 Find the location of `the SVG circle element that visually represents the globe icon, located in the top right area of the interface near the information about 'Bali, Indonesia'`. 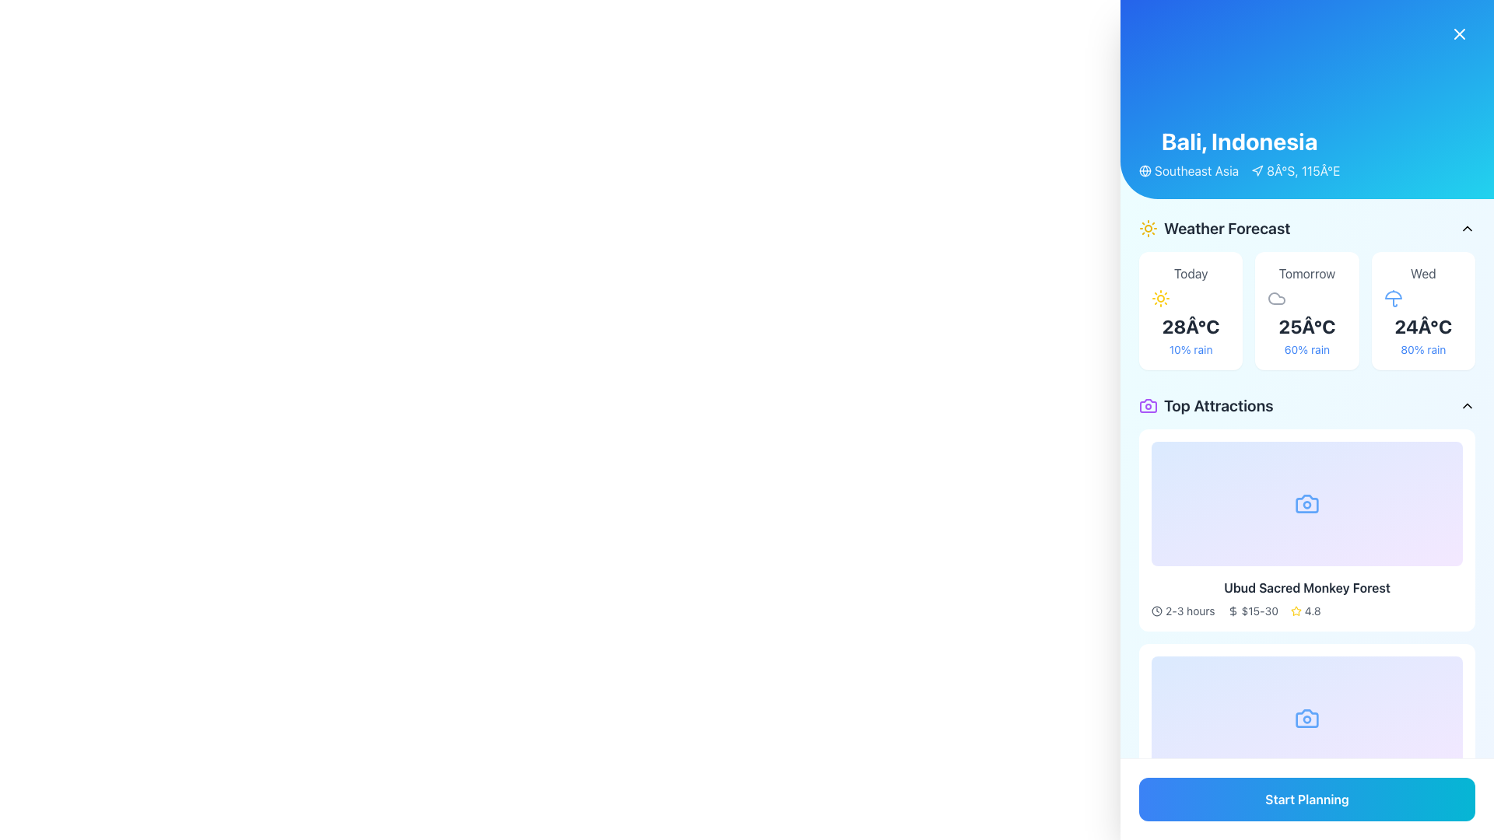

the SVG circle element that visually represents the globe icon, located in the top right area of the interface near the information about 'Bali, Indonesia' is located at coordinates (1145, 170).